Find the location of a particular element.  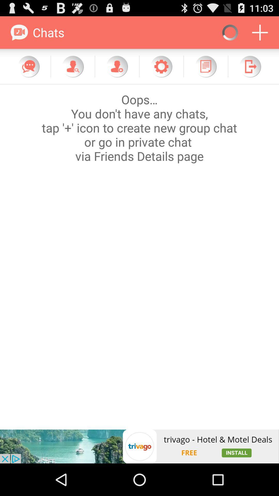

error occured is located at coordinates (139, 257).